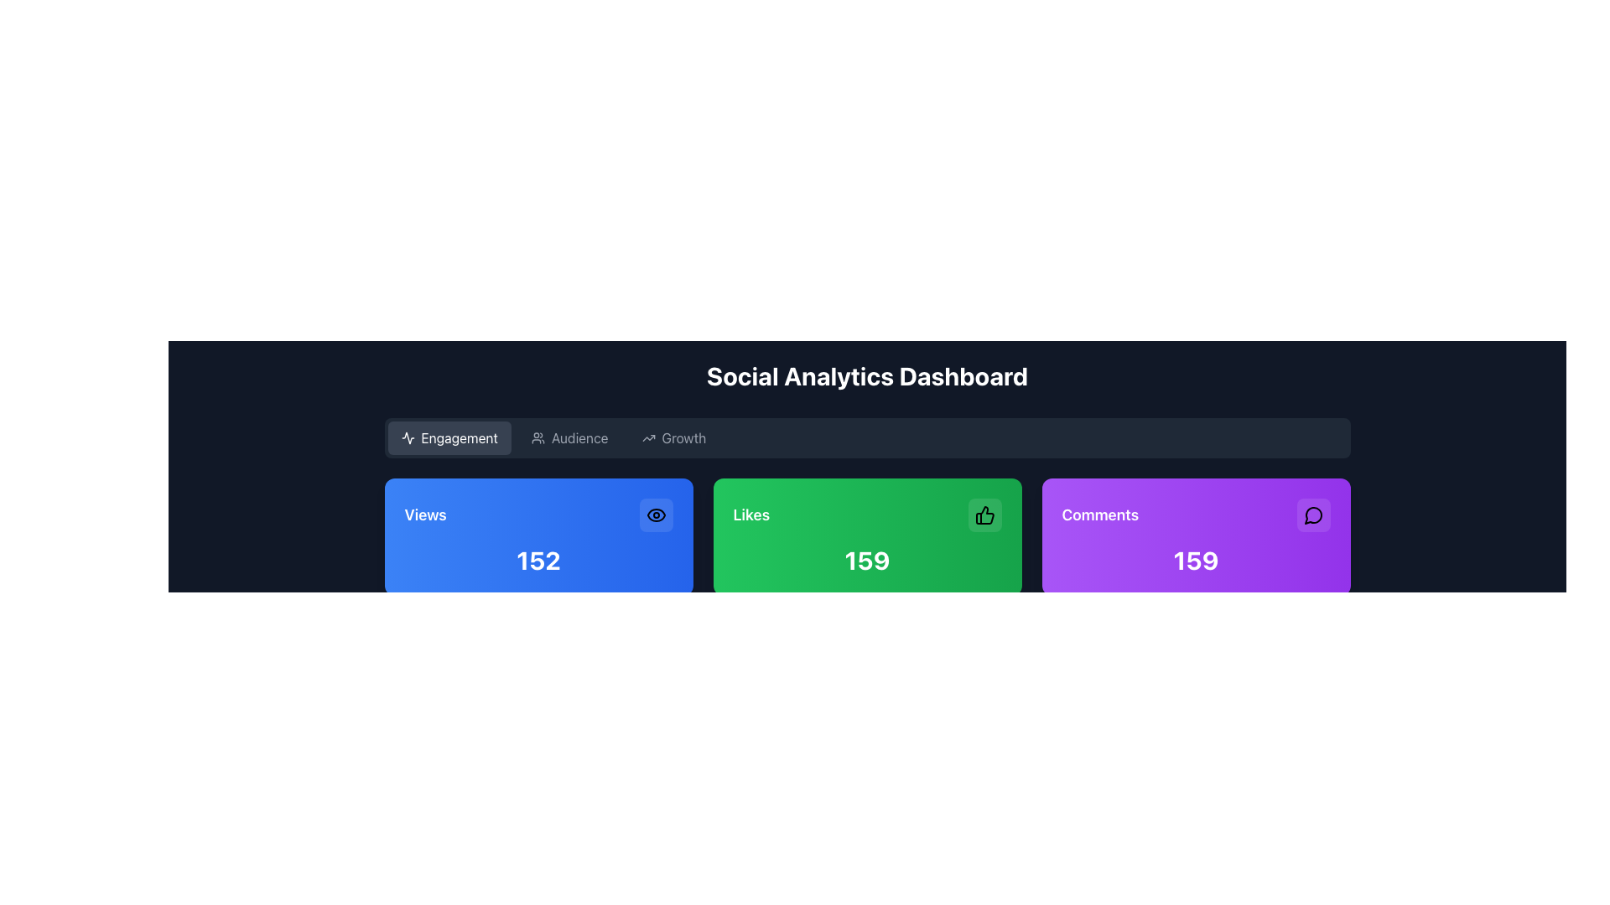 This screenshot has width=1610, height=905. What do you see at coordinates (867, 375) in the screenshot?
I see `the header titled 'Social Analytics Dashboard', which is prominently displayed in a bold and large white font at the top of the dashboard interface` at bounding box center [867, 375].